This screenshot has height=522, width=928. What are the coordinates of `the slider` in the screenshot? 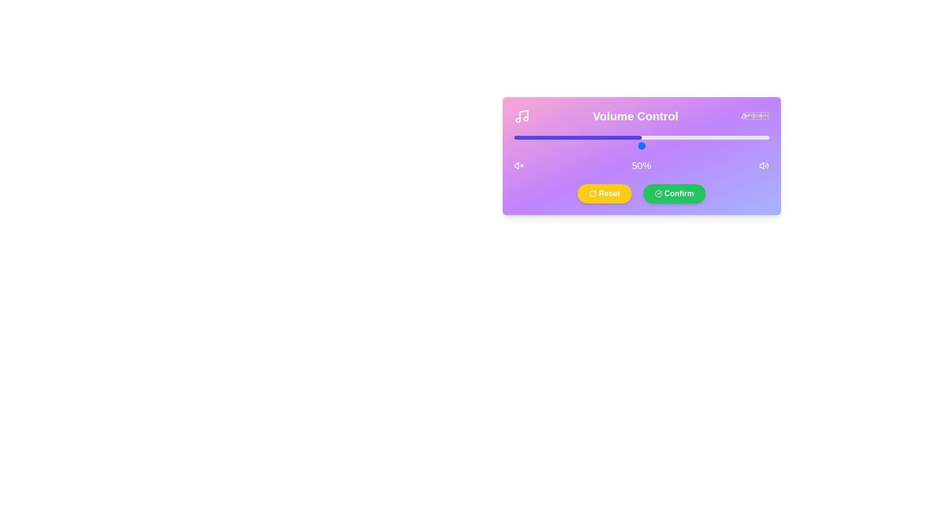 It's located at (695, 145).